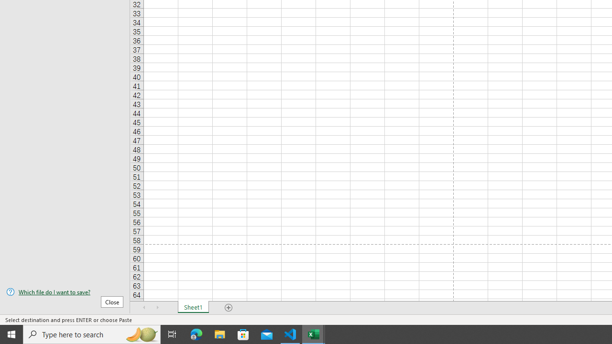 The image size is (612, 344). What do you see at coordinates (141, 333) in the screenshot?
I see `'Search highlights icon opens search home window'` at bounding box center [141, 333].